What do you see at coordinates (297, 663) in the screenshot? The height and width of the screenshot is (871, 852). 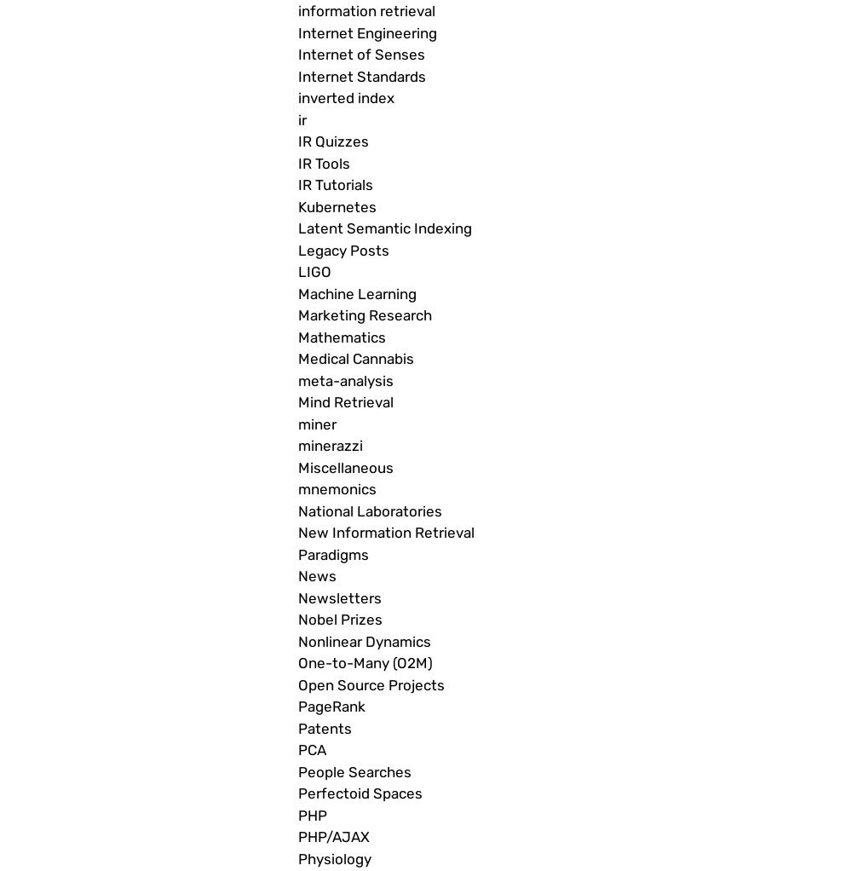 I see `'One-to-Many (O2M)'` at bounding box center [297, 663].